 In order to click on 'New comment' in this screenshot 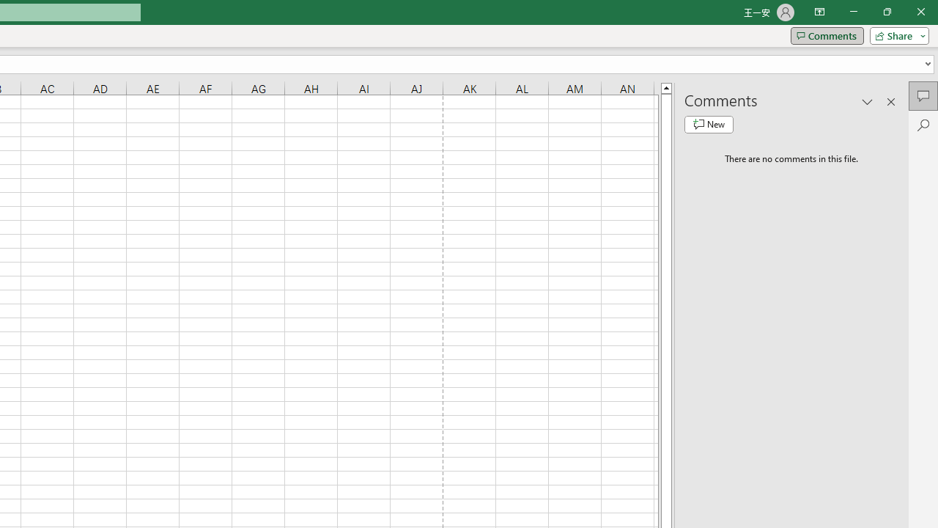, I will do `click(709, 123)`.